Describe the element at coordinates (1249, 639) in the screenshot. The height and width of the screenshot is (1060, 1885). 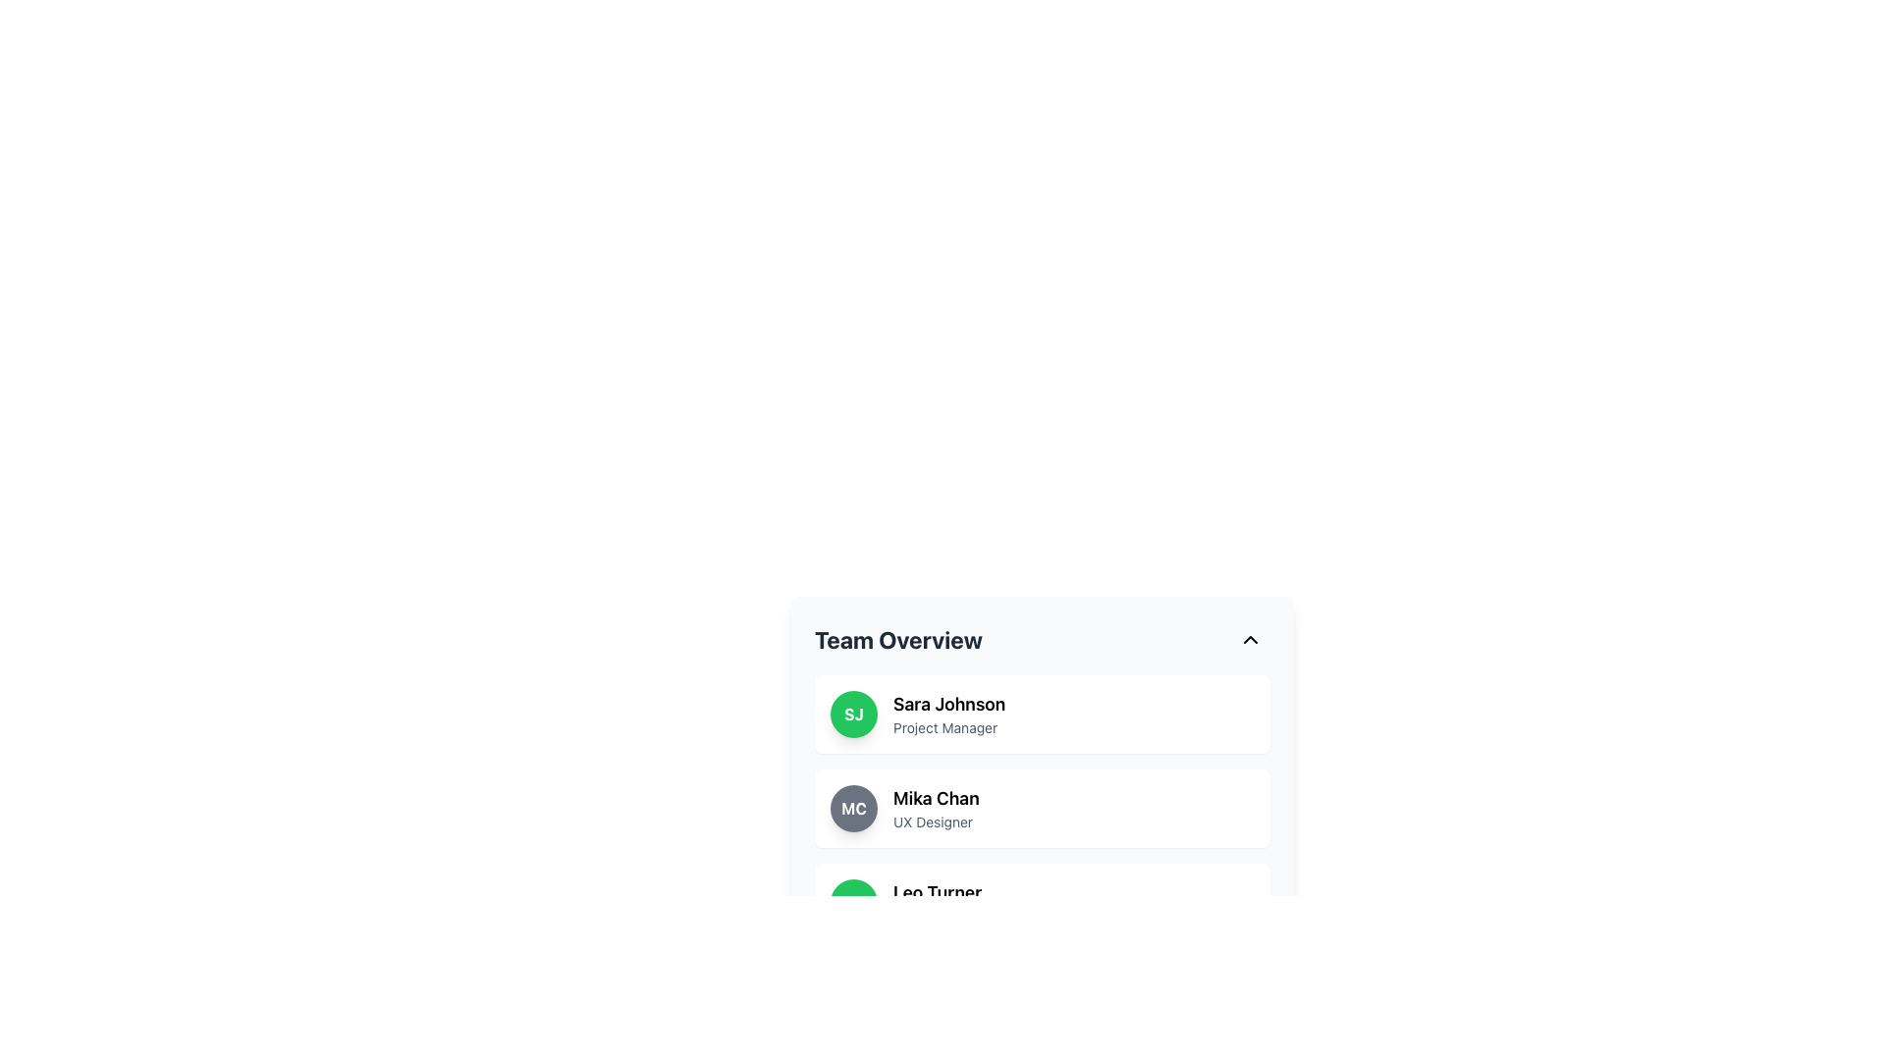
I see `the circular button with a light gray background and an upward-facing chevron icon located to the right of the 'Team Overview' section title` at that location.